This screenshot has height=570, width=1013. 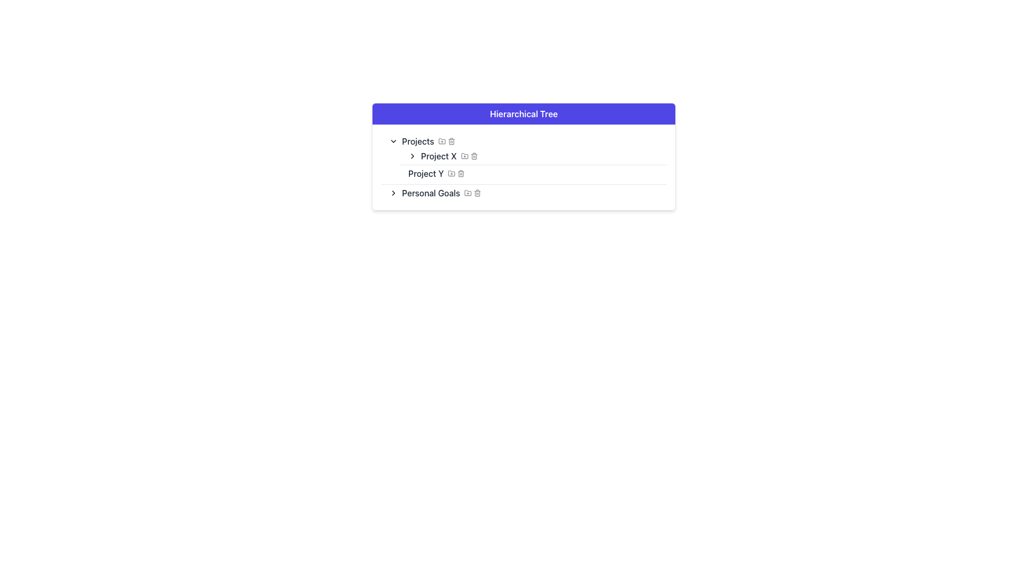 I want to click on the indigo banner titled 'Hierarchical Tree' to interact with its styling, so click(x=524, y=114).